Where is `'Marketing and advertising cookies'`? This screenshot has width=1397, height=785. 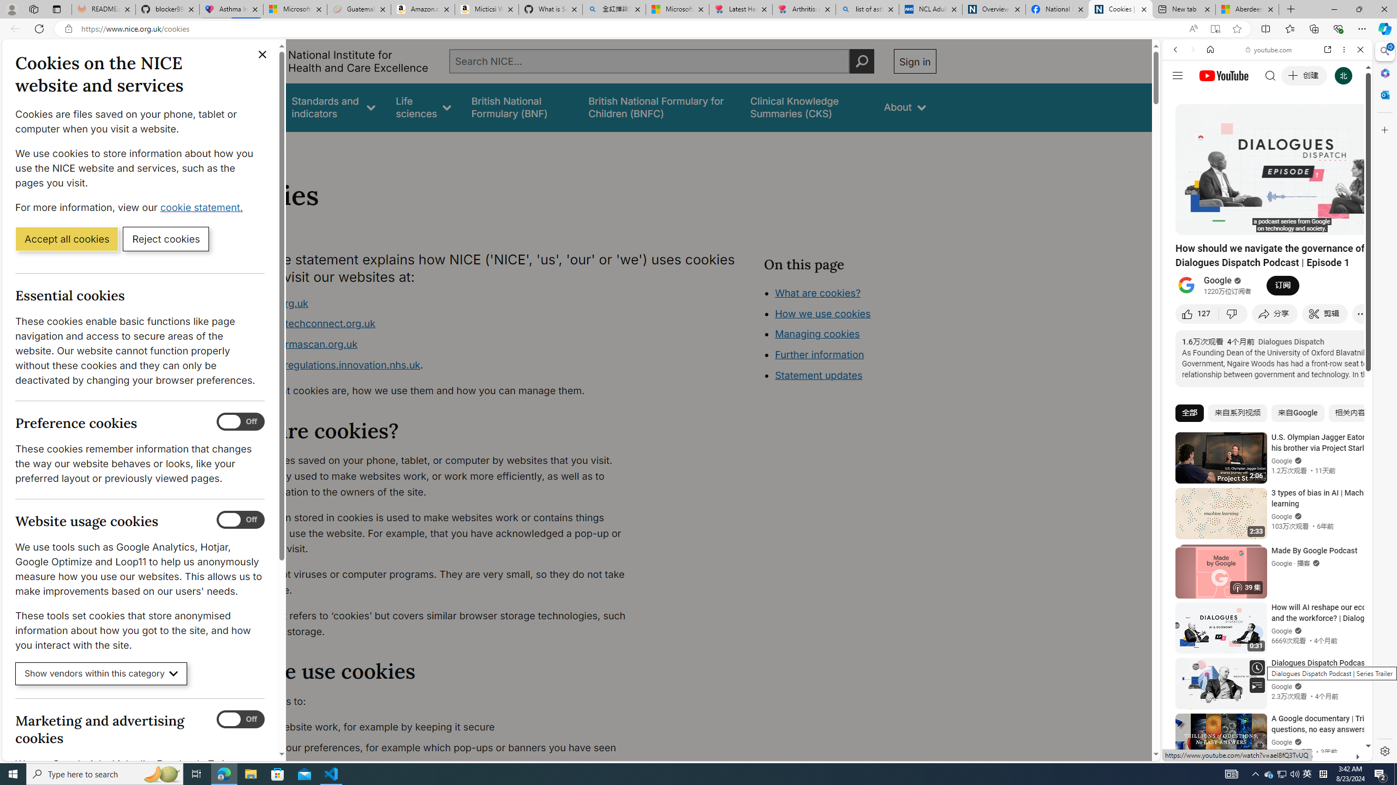
'Marketing and advertising cookies' is located at coordinates (240, 720).